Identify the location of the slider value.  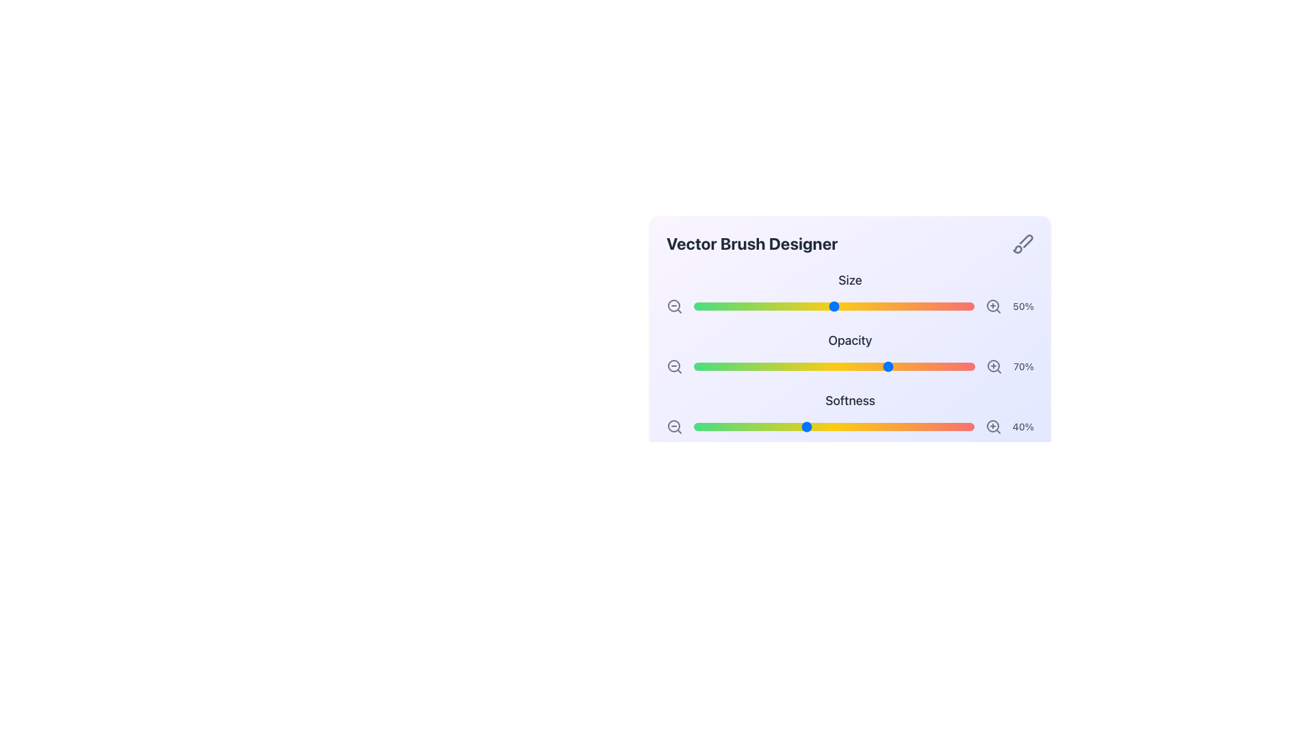
(732, 305).